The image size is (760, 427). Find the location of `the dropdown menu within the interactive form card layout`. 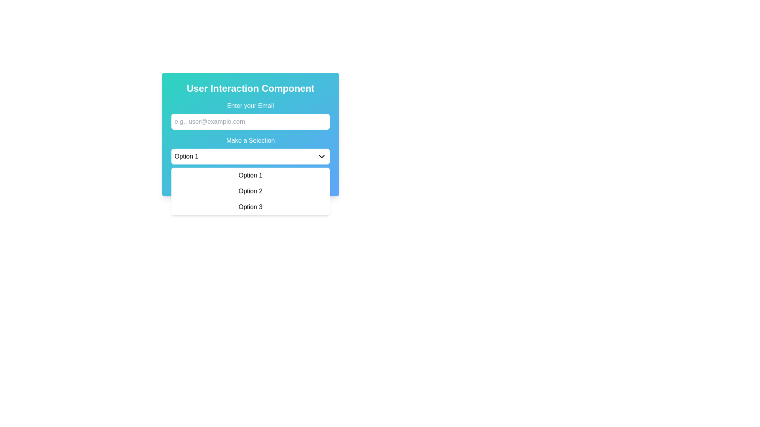

the dropdown menu within the interactive form card layout is located at coordinates (250, 134).